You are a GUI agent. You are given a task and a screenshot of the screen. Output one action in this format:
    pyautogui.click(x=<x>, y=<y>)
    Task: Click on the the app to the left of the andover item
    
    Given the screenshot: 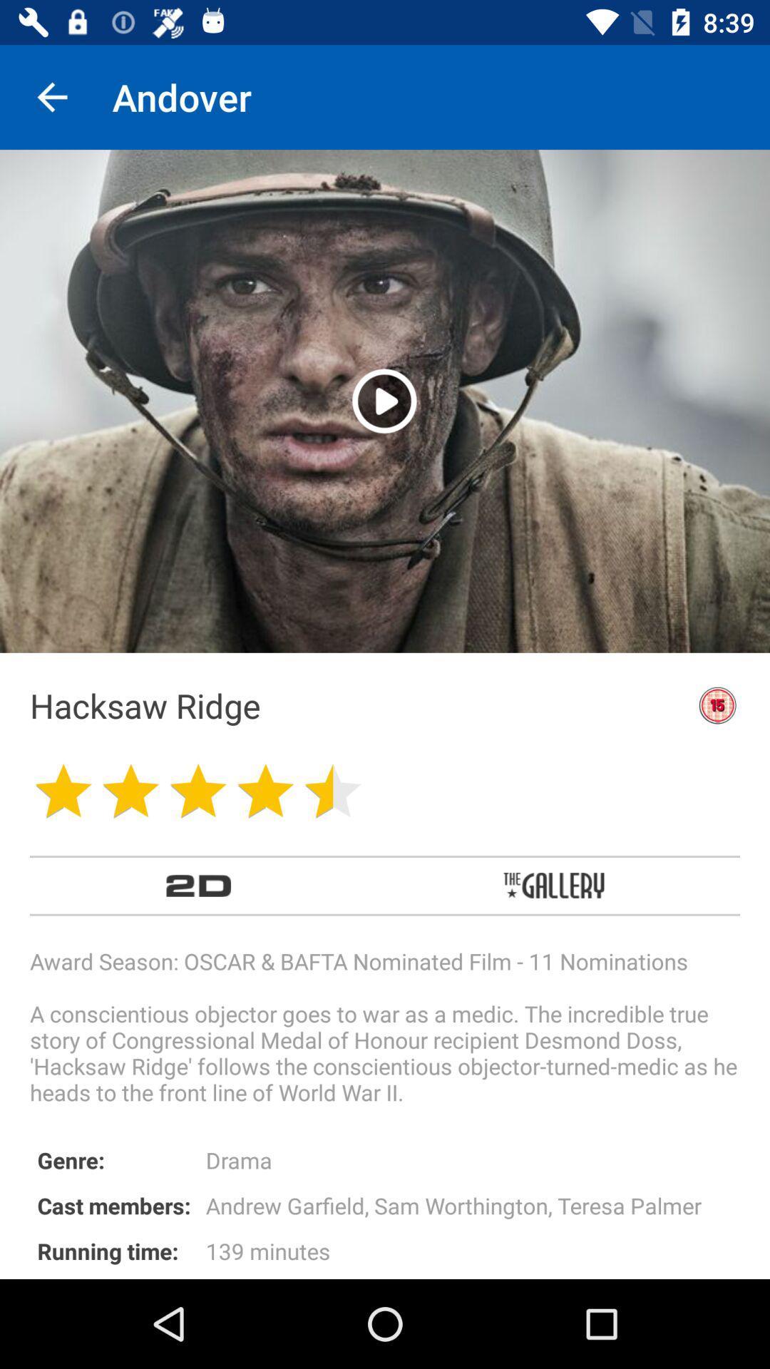 What is the action you would take?
    pyautogui.click(x=51, y=96)
    